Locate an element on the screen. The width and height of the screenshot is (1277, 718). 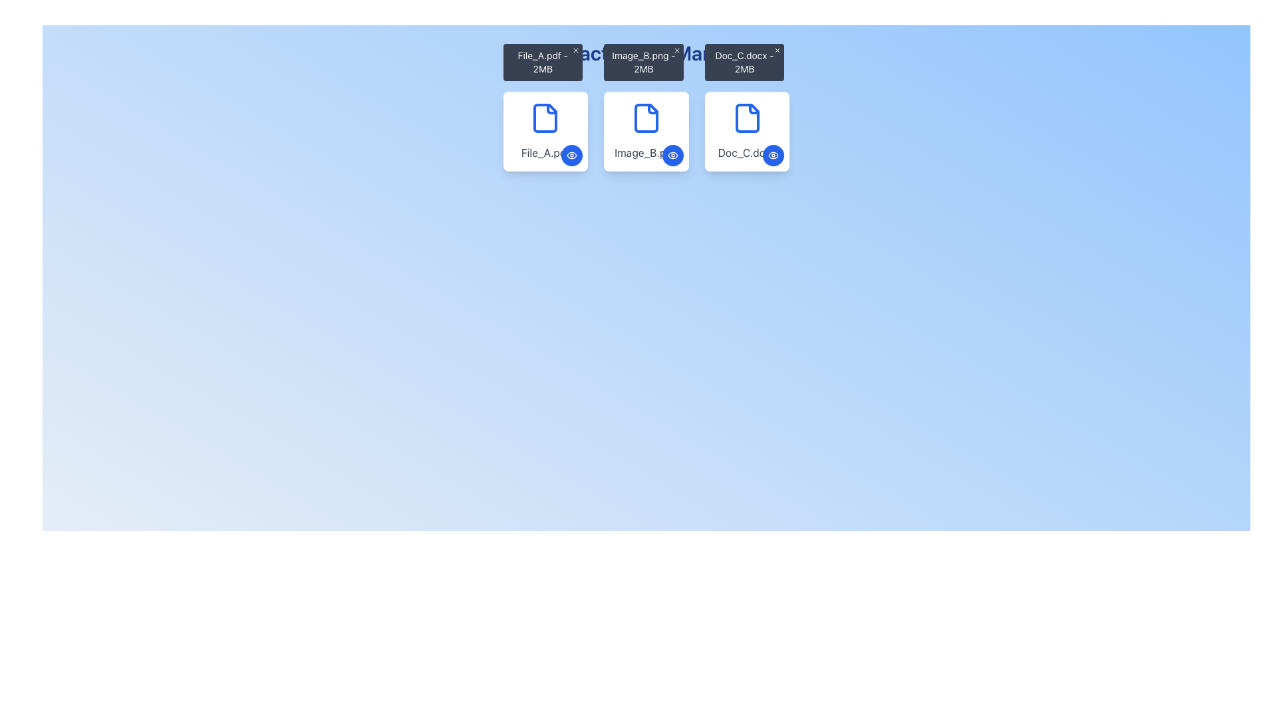
the descriptive label displaying 'Image_B.png' in gray color, which is located in the second file card from the left, below the file's title and icon is located at coordinates (646, 152).